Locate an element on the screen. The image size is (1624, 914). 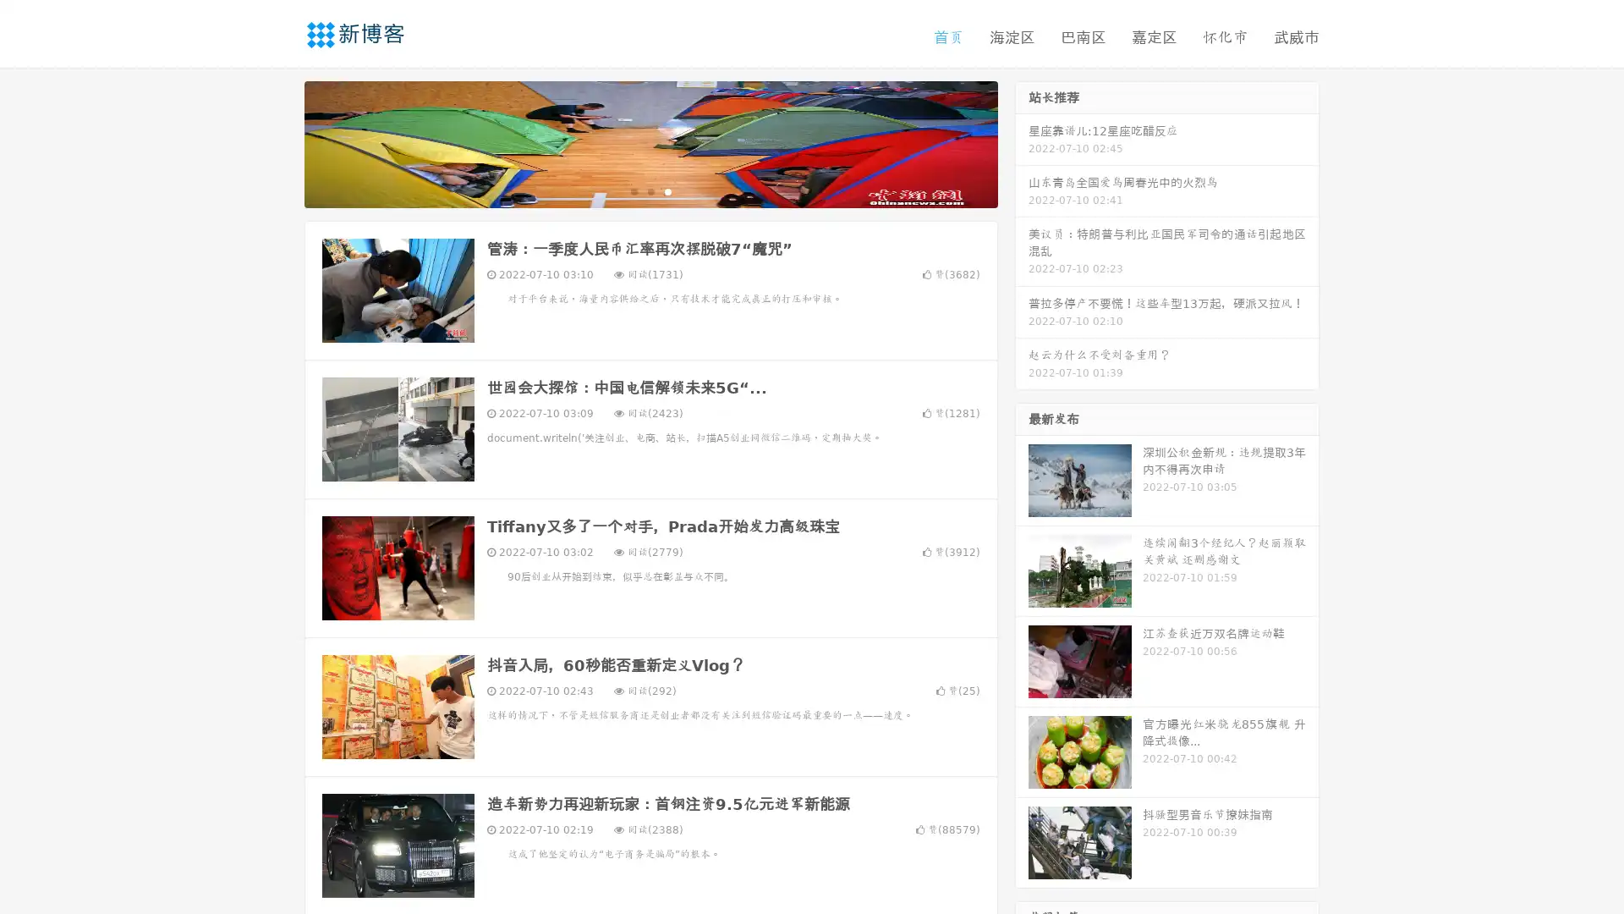
Go to slide 3 is located at coordinates (667, 190).